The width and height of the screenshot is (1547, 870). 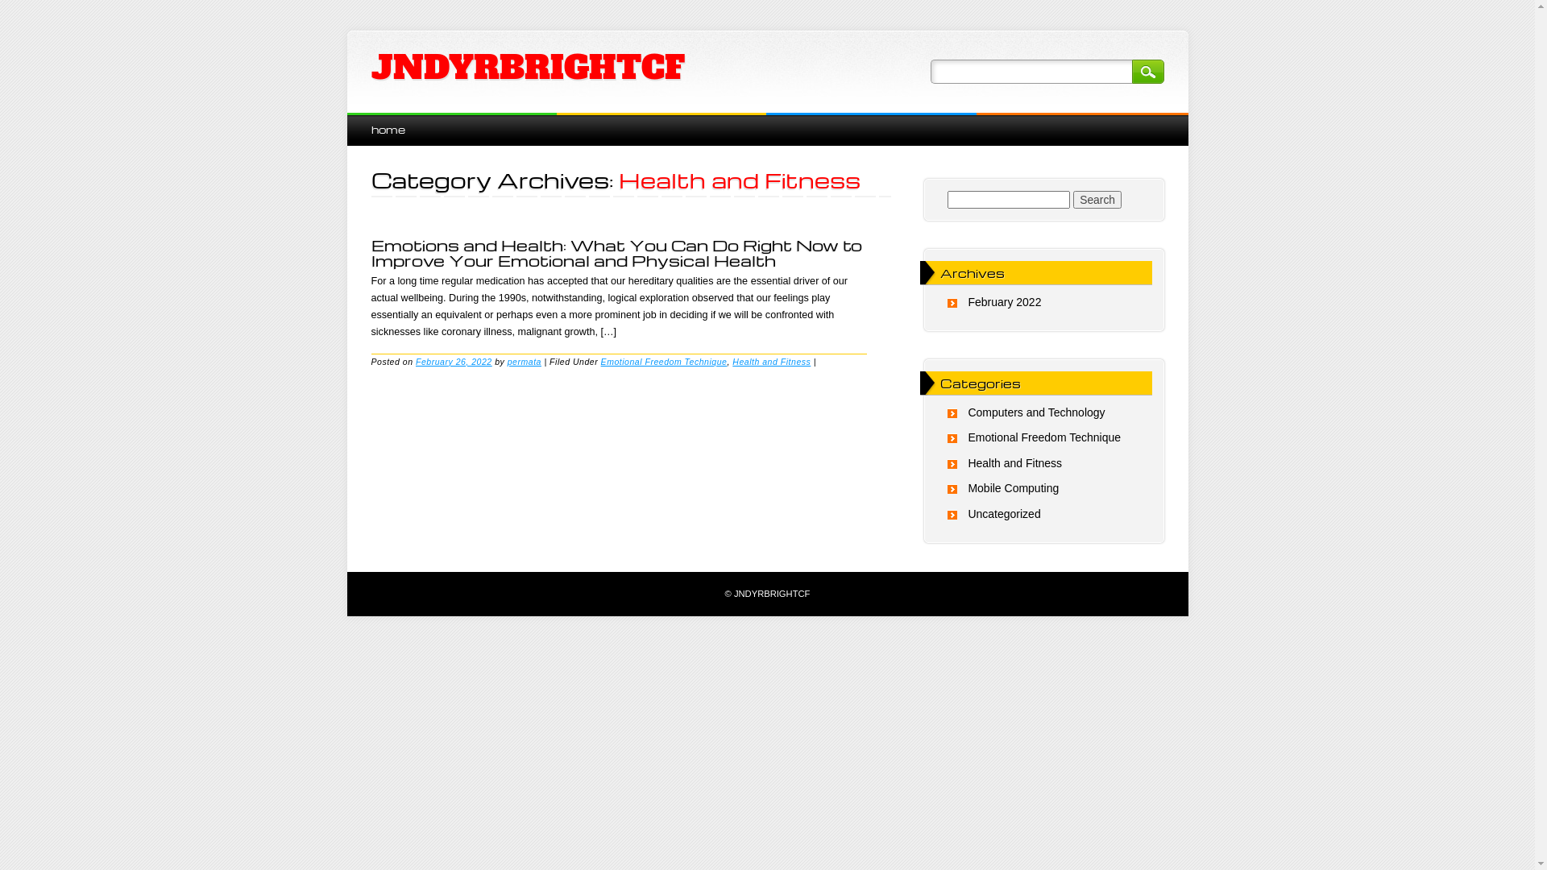 I want to click on 'Search', so click(x=1130, y=70).